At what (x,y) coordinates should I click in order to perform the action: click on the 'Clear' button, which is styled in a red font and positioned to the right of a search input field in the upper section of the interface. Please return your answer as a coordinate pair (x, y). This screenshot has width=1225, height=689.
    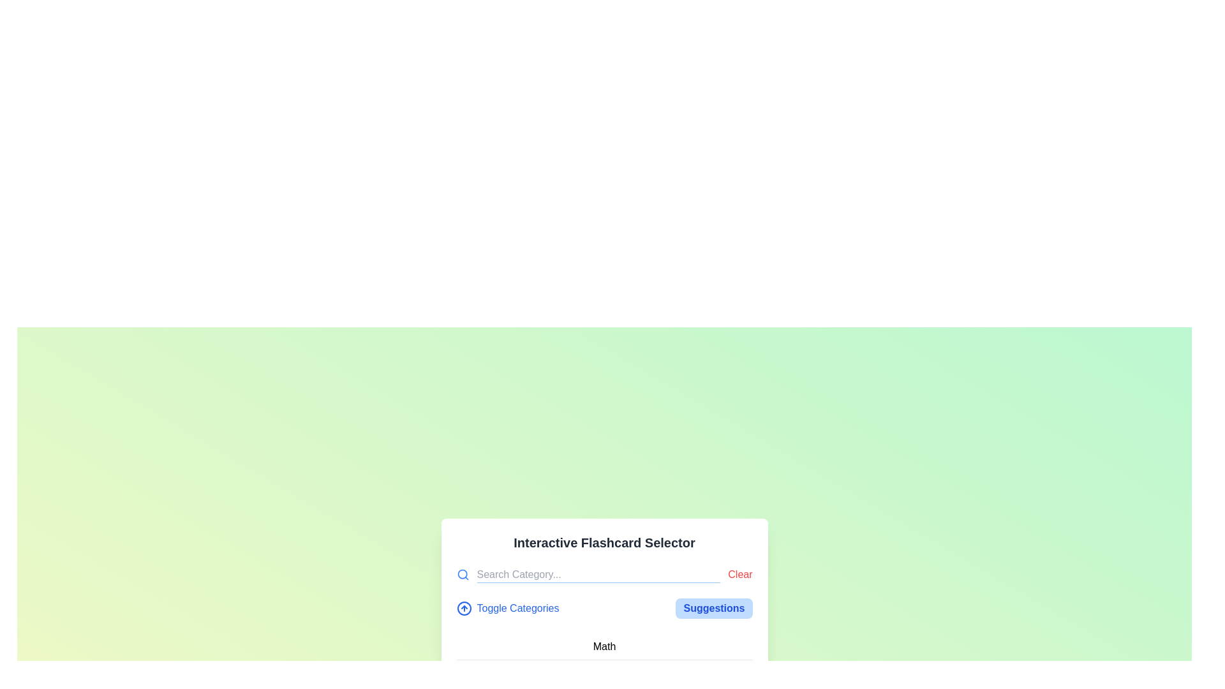
    Looking at the image, I should click on (740, 575).